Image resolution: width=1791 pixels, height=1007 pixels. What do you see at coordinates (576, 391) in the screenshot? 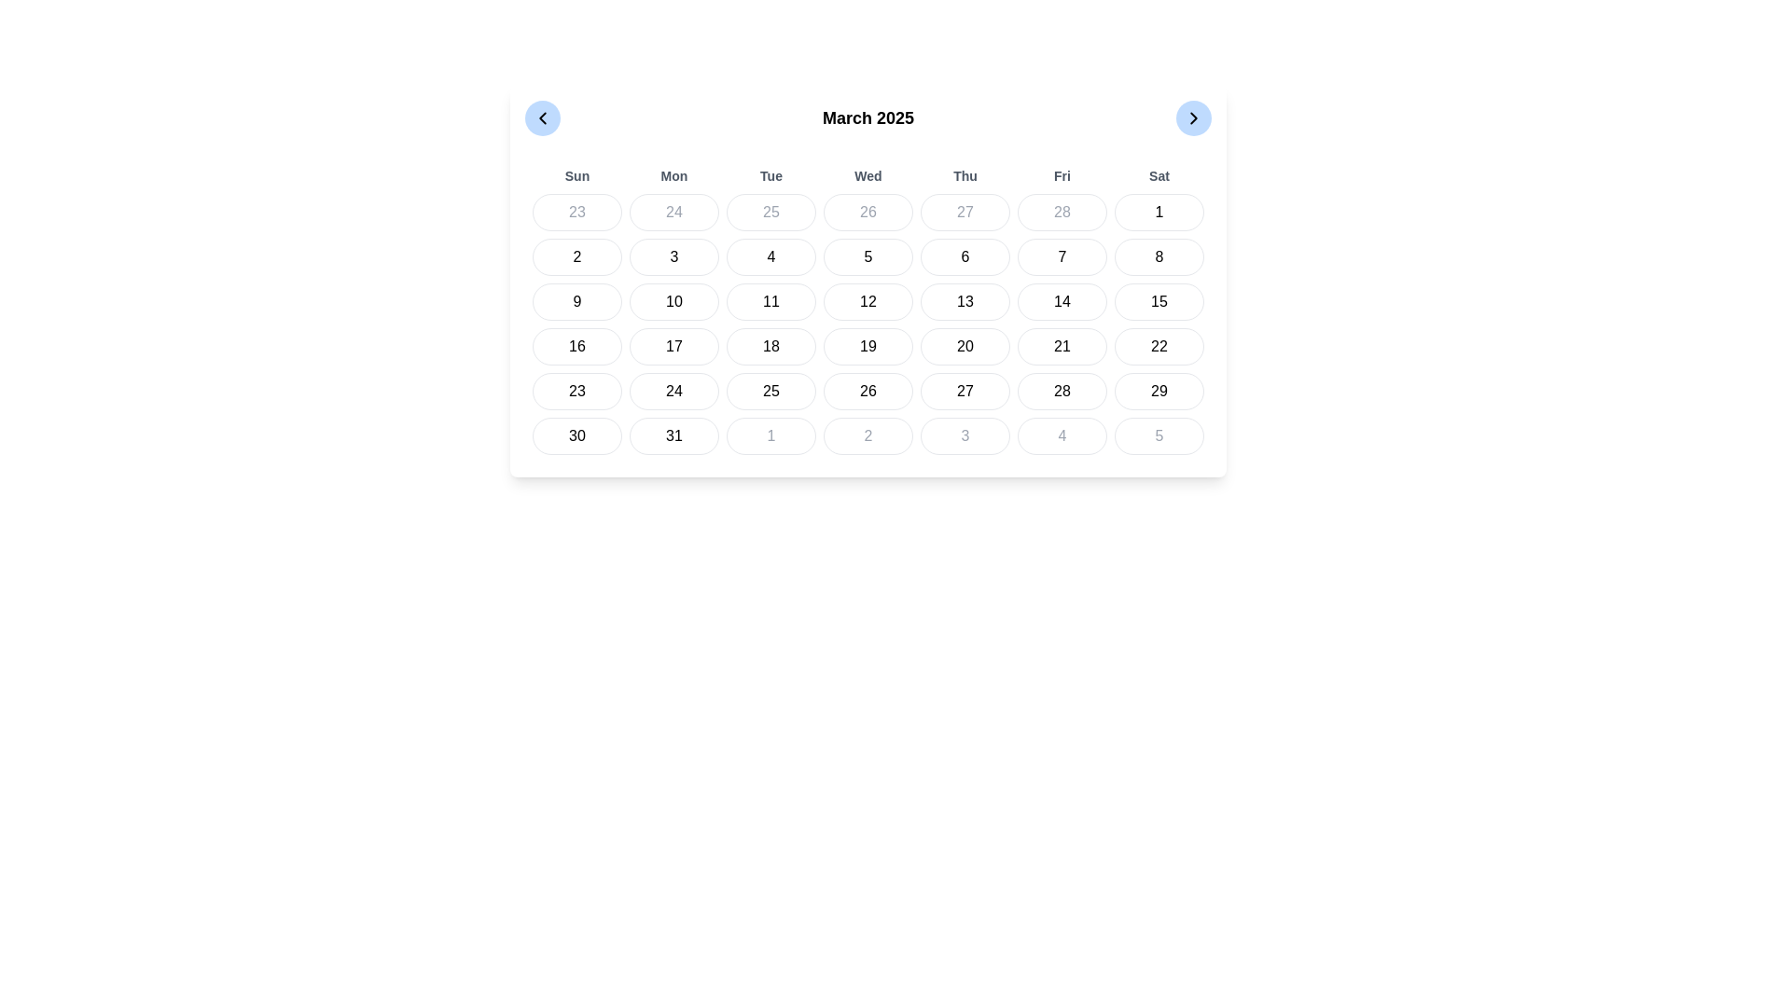
I see `the calendar day button located in the first column of the fourth row` at bounding box center [576, 391].